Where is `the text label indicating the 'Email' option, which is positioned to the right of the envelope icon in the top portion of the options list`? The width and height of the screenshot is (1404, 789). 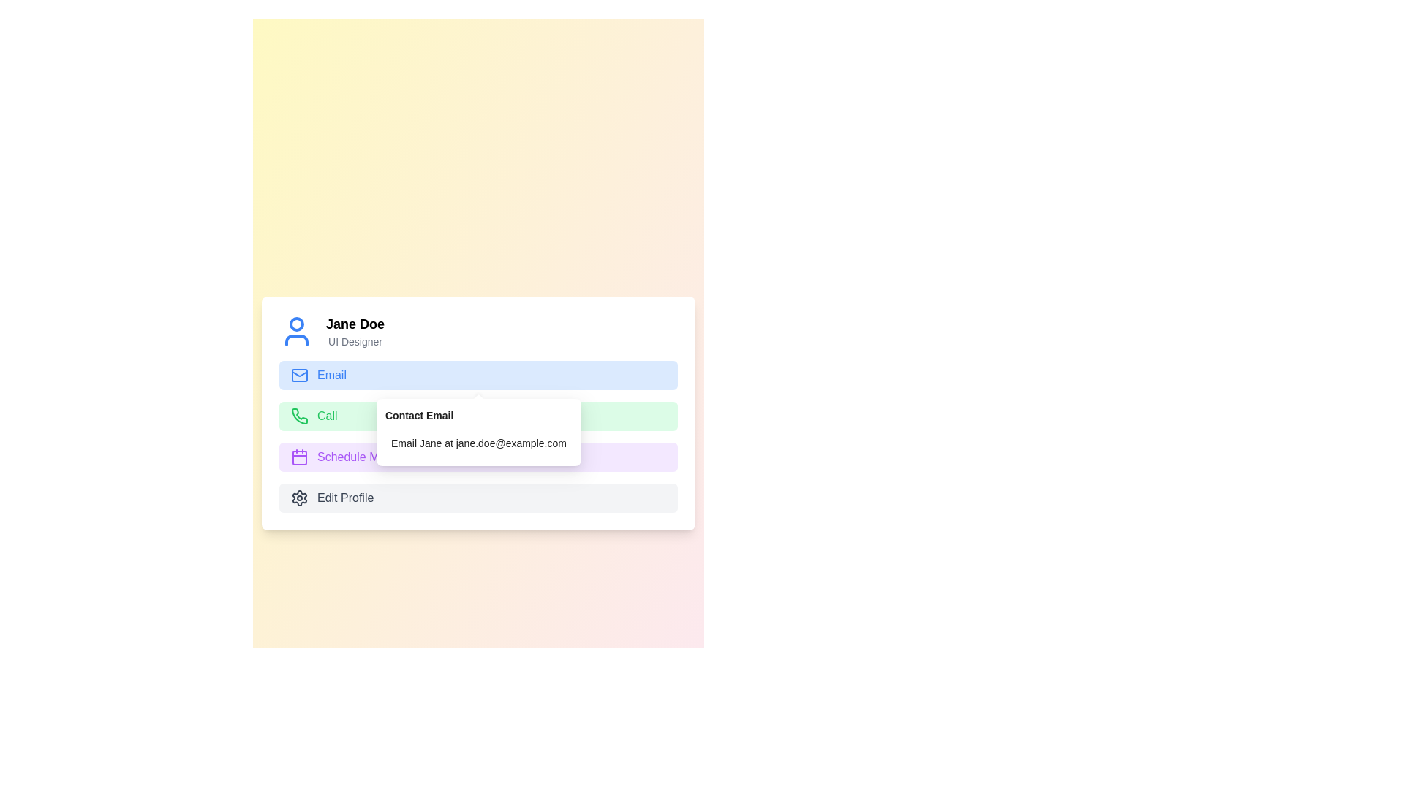 the text label indicating the 'Email' option, which is positioned to the right of the envelope icon in the top portion of the options list is located at coordinates (331, 374).